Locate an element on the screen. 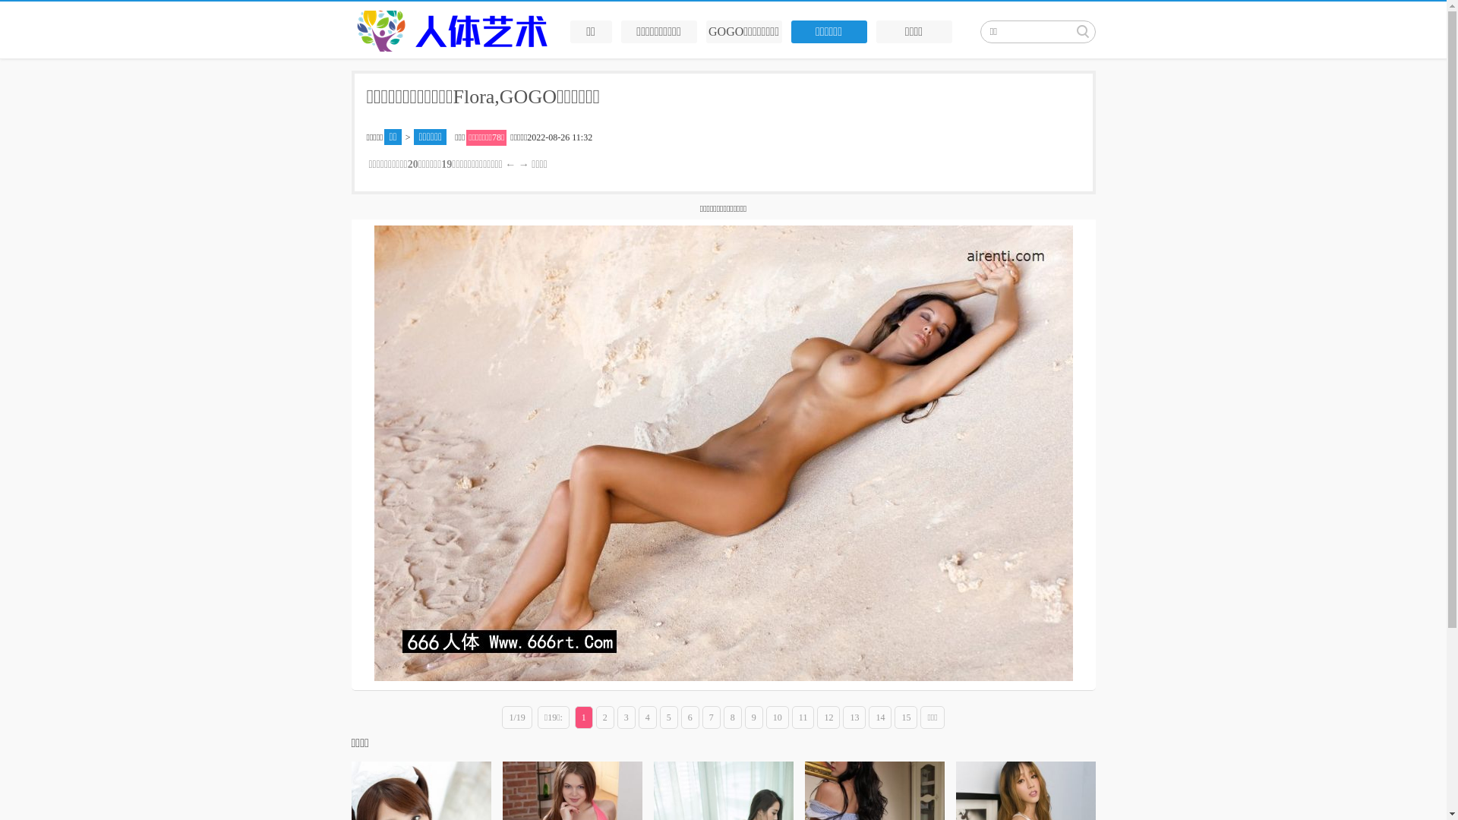  '1/19' is located at coordinates (516, 717).